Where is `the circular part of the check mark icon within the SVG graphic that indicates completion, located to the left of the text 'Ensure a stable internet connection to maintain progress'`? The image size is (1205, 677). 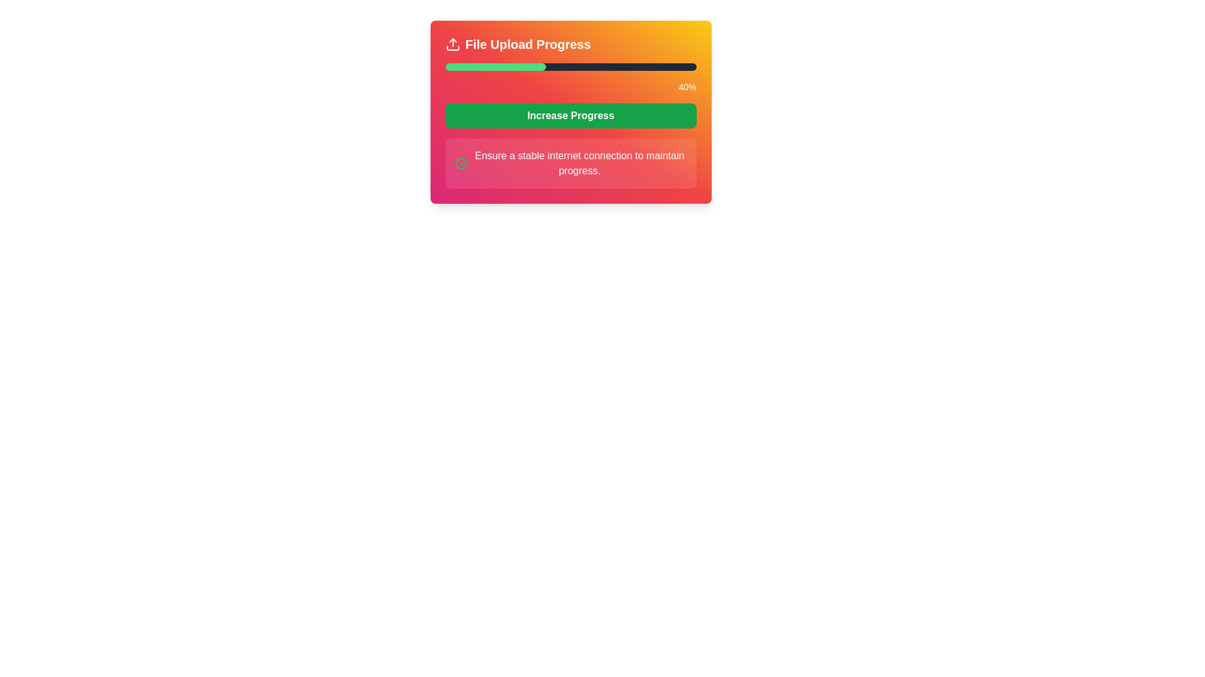 the circular part of the check mark icon within the SVG graphic that indicates completion, located to the left of the text 'Ensure a stable internet connection to maintain progress' is located at coordinates (461, 163).